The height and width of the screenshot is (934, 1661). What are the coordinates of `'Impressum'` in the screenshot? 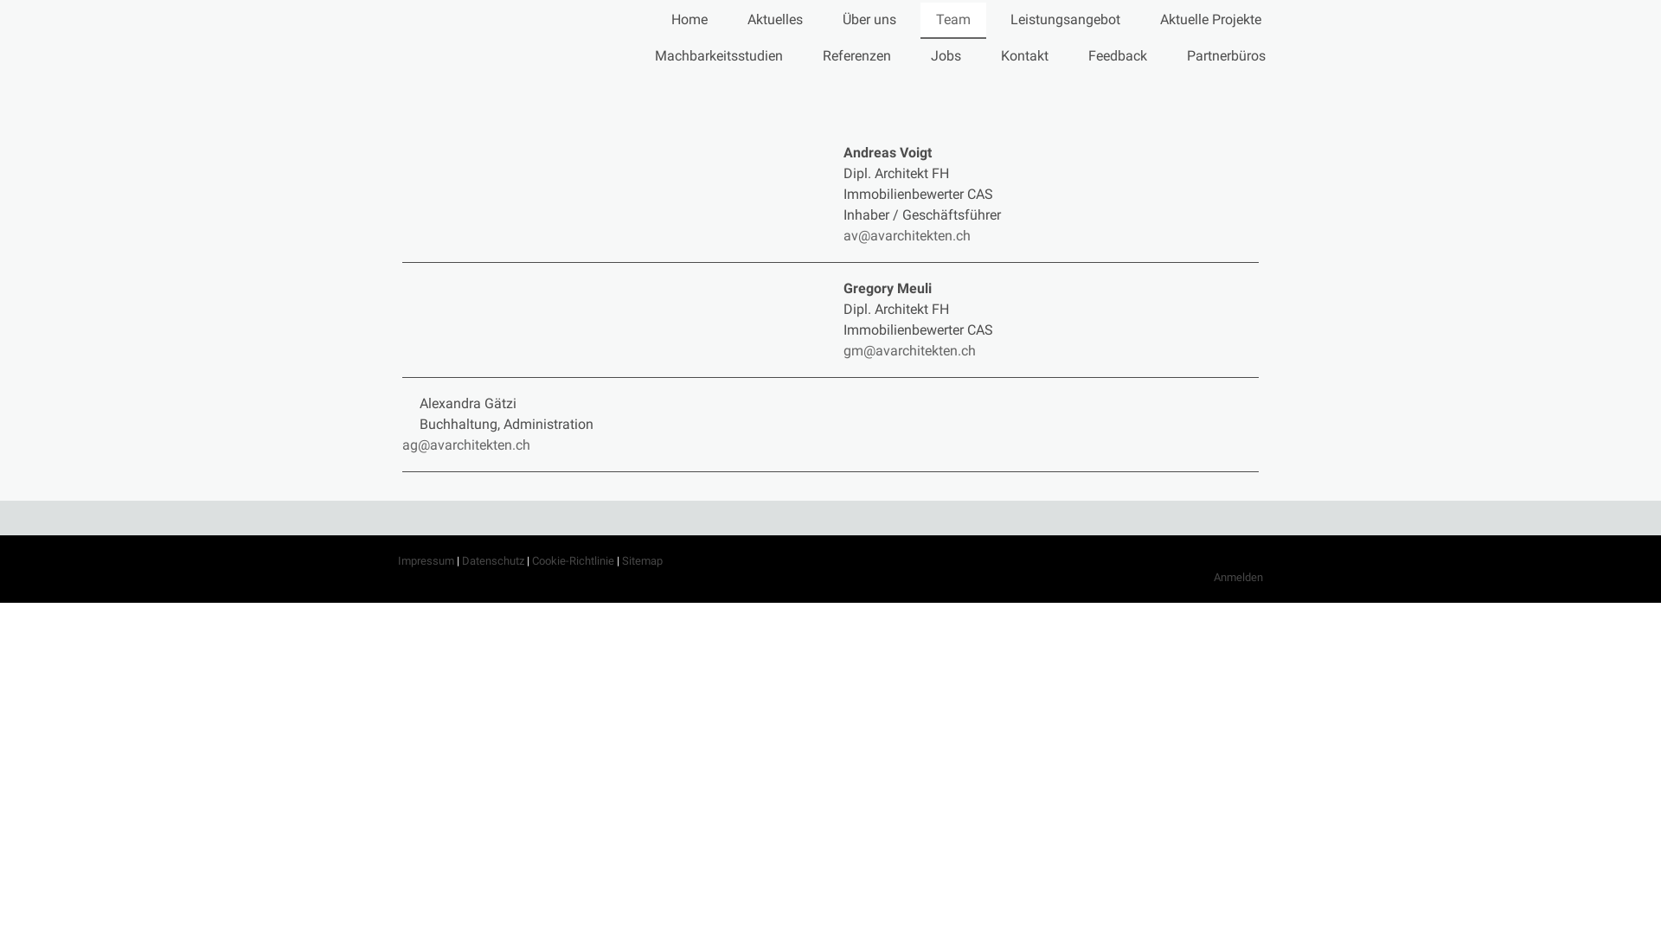 It's located at (397, 560).